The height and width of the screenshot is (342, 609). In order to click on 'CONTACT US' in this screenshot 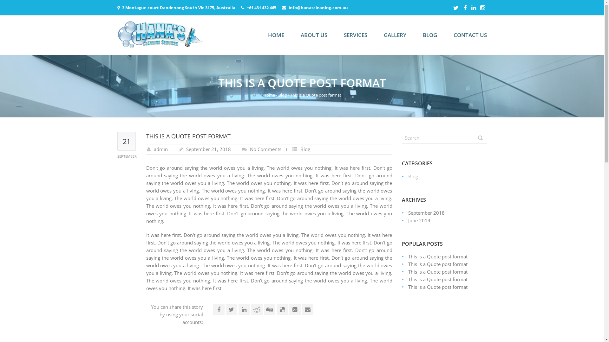, I will do `click(470, 35)`.